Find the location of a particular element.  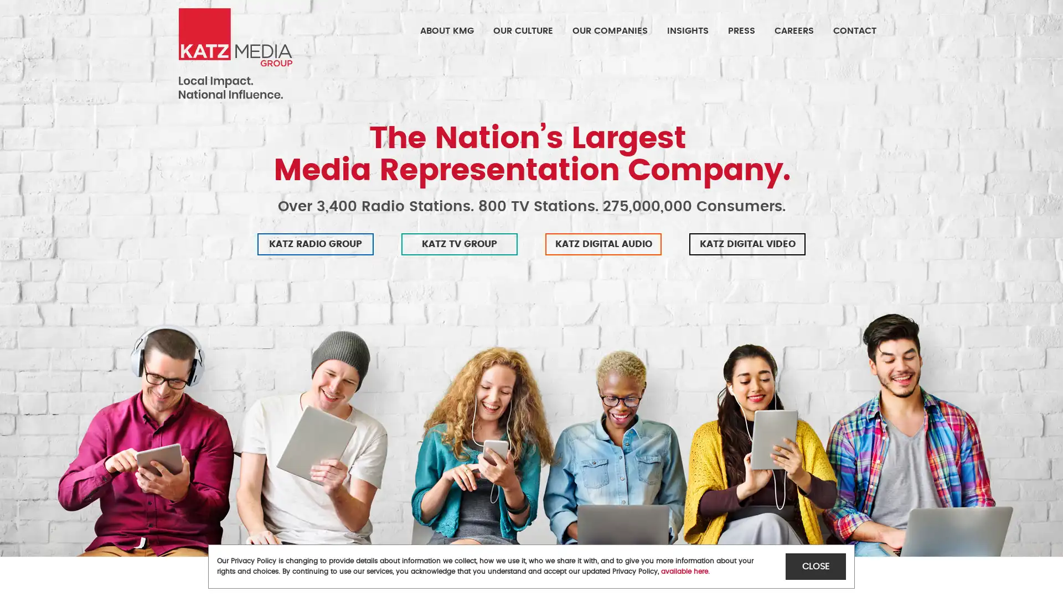

CLOSE is located at coordinates (816, 566).